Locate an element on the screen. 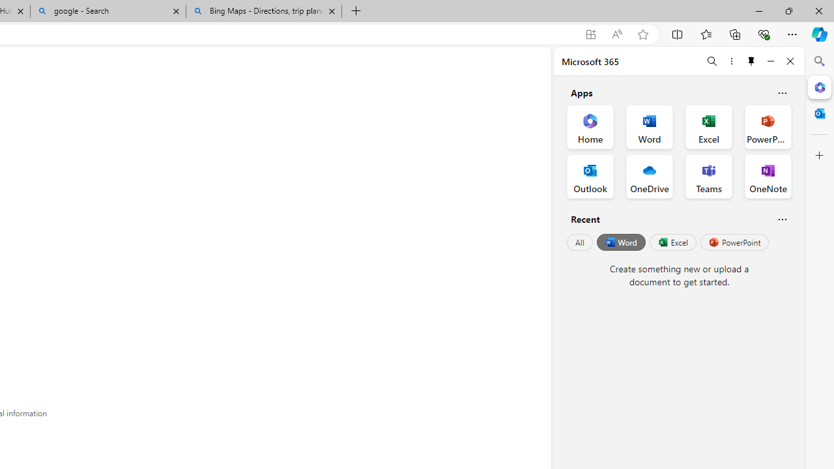  'Customize' is located at coordinates (819, 155).